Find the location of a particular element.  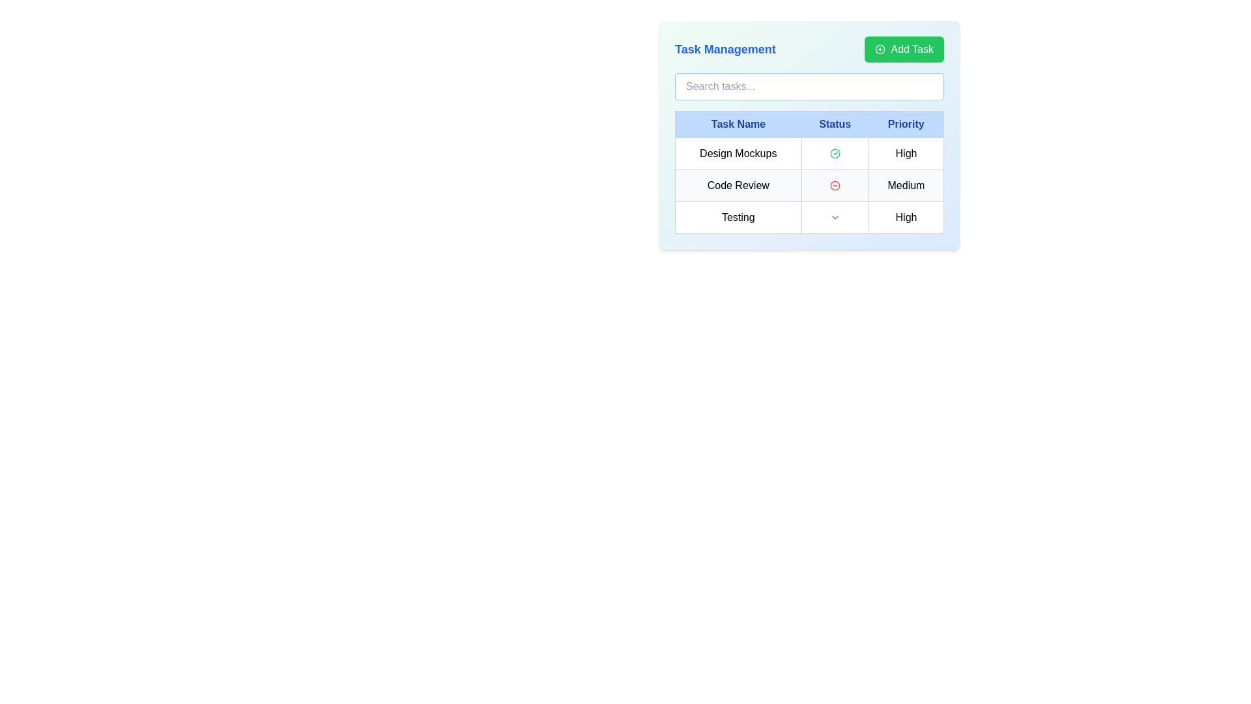

the downward-facing chevron icon is located at coordinates (835, 217).